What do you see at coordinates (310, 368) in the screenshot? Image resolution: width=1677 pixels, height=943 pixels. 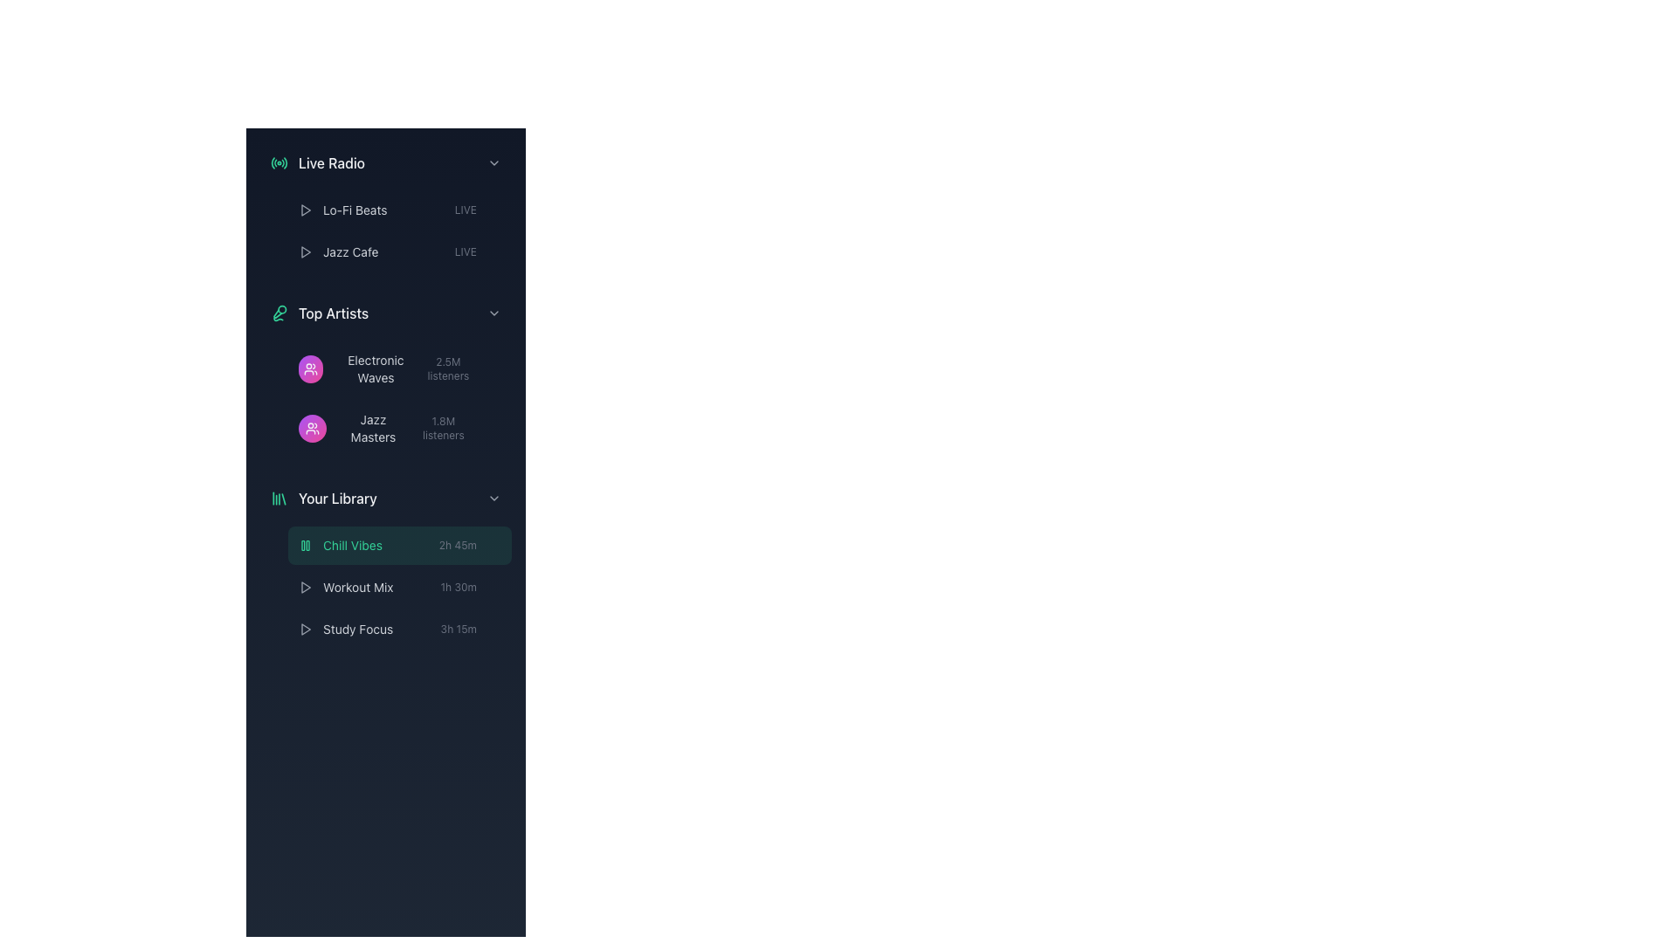 I see `the circular icon with a gradient background and user silhouettes, located to the left of the text 'Electronic Waves' under the 'Top Artists' section` at bounding box center [310, 368].